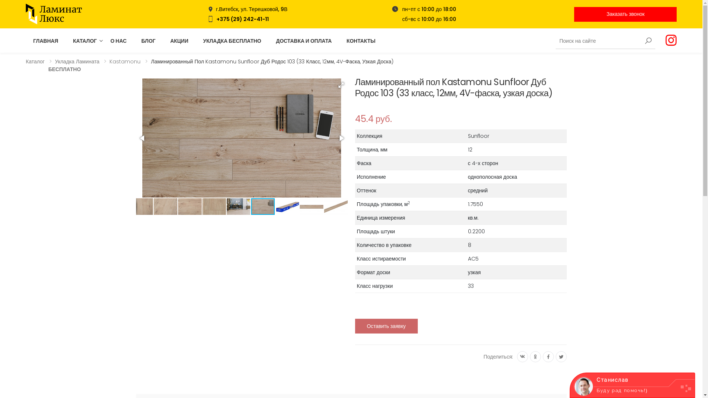 This screenshot has height=398, width=708. I want to click on 'Instagram', so click(665, 41).